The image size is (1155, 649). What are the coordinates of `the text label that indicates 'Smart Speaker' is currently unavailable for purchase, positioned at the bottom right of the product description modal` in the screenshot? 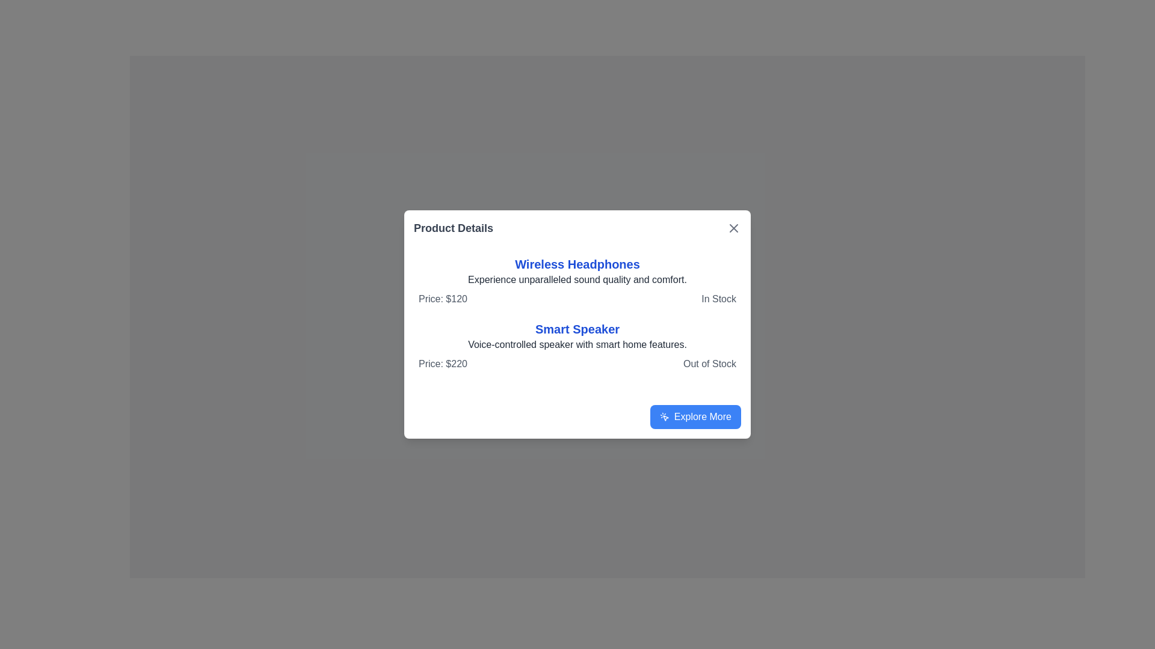 It's located at (710, 363).